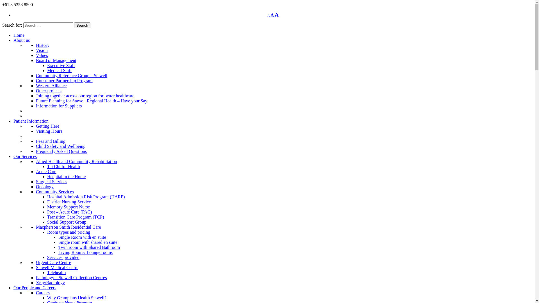 The height and width of the screenshot is (303, 539). I want to click on 'Western Alliance', so click(36, 86).